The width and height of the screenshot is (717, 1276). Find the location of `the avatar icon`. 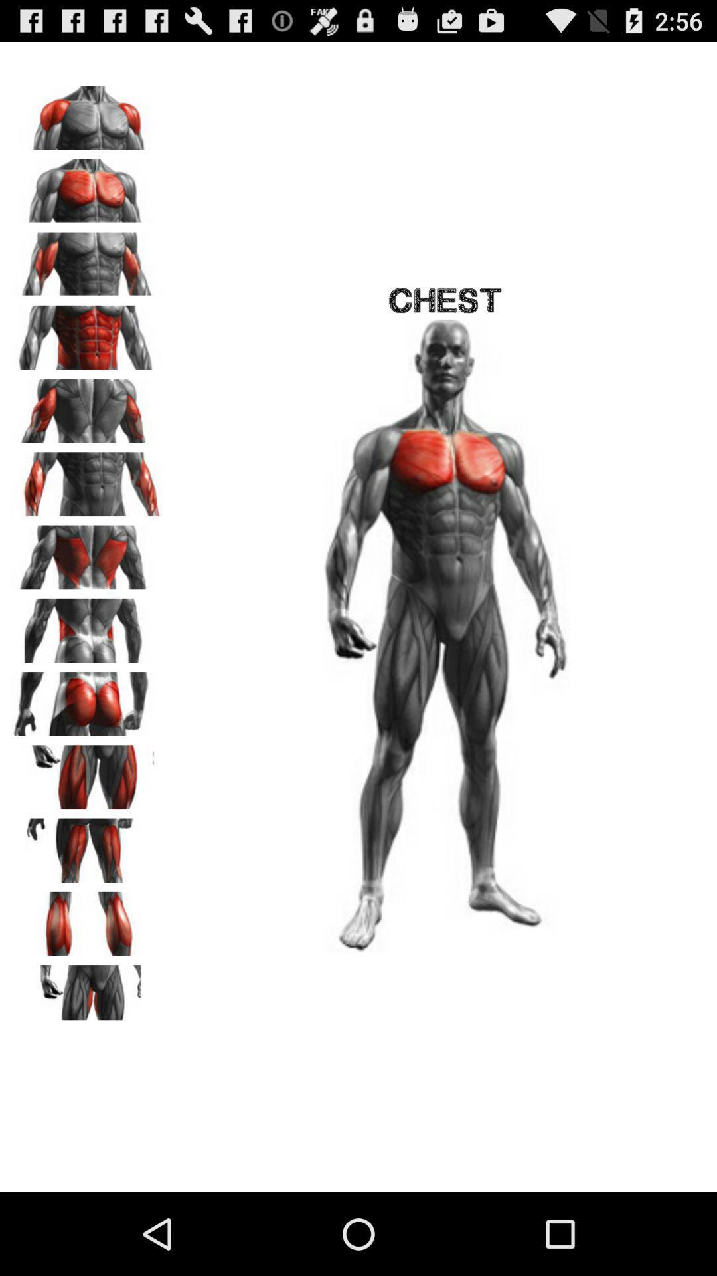

the avatar icon is located at coordinates (87, 1061).